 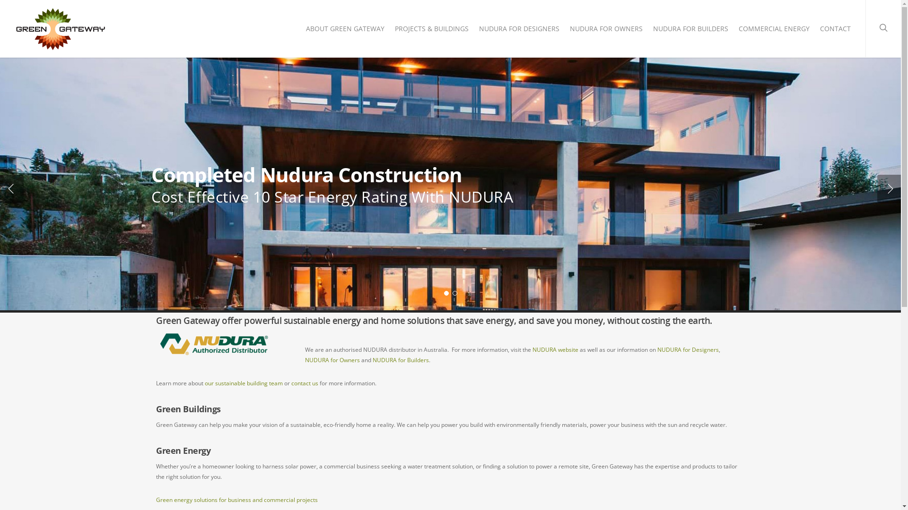 What do you see at coordinates (835, 30) in the screenshot?
I see `'CONTACT'` at bounding box center [835, 30].